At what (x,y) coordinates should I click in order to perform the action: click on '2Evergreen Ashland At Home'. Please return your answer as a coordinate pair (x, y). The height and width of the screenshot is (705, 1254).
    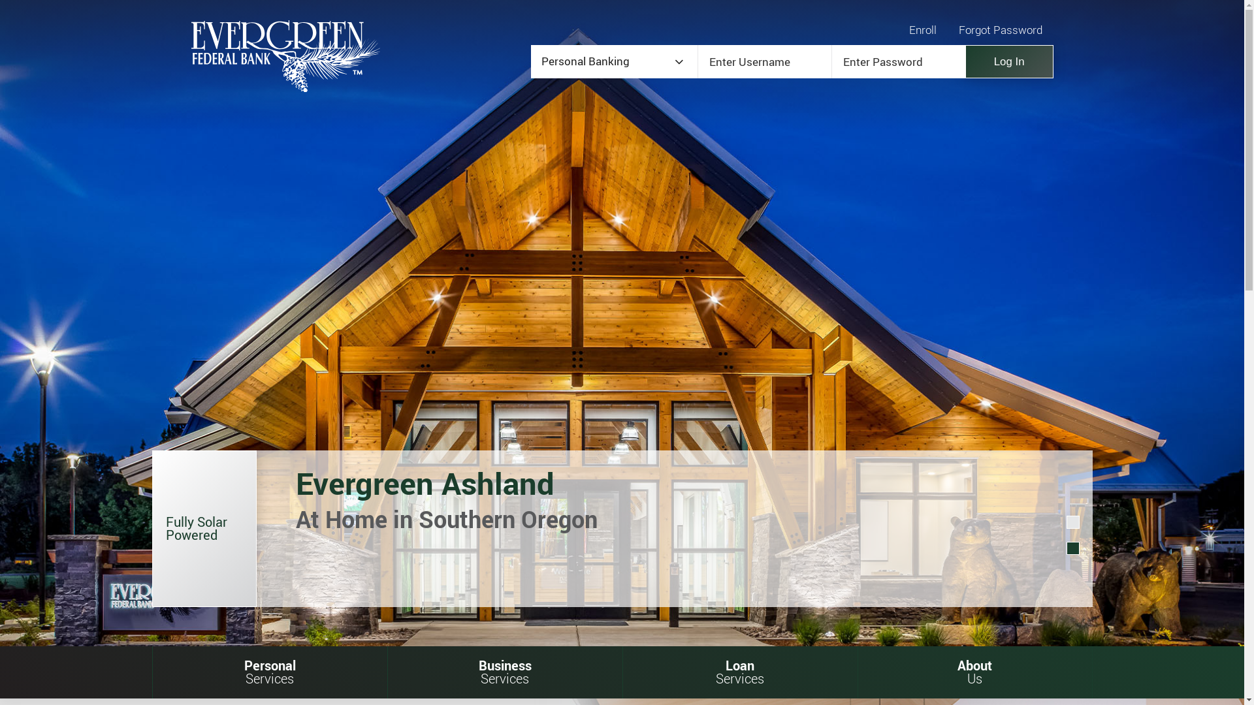
    Looking at the image, I should click on (1072, 548).